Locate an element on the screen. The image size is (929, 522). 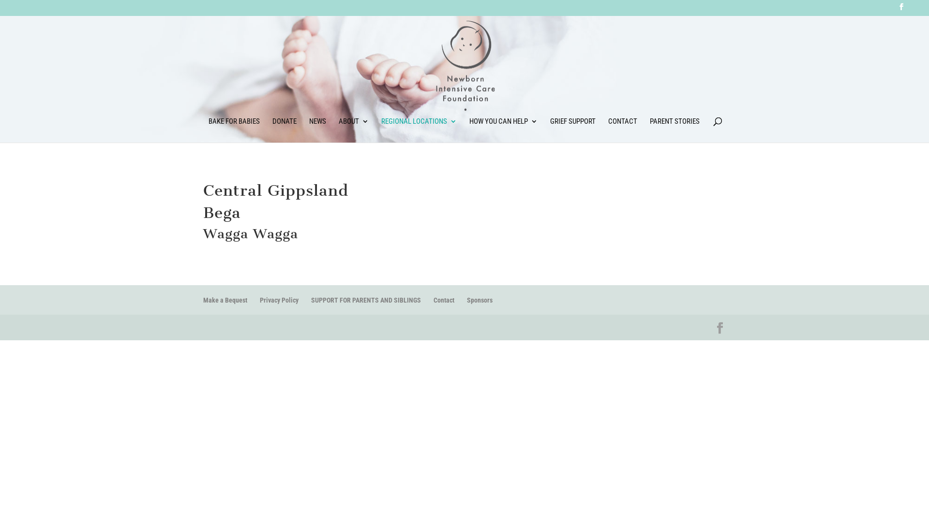
'Privacy Policy' is located at coordinates (278, 300).